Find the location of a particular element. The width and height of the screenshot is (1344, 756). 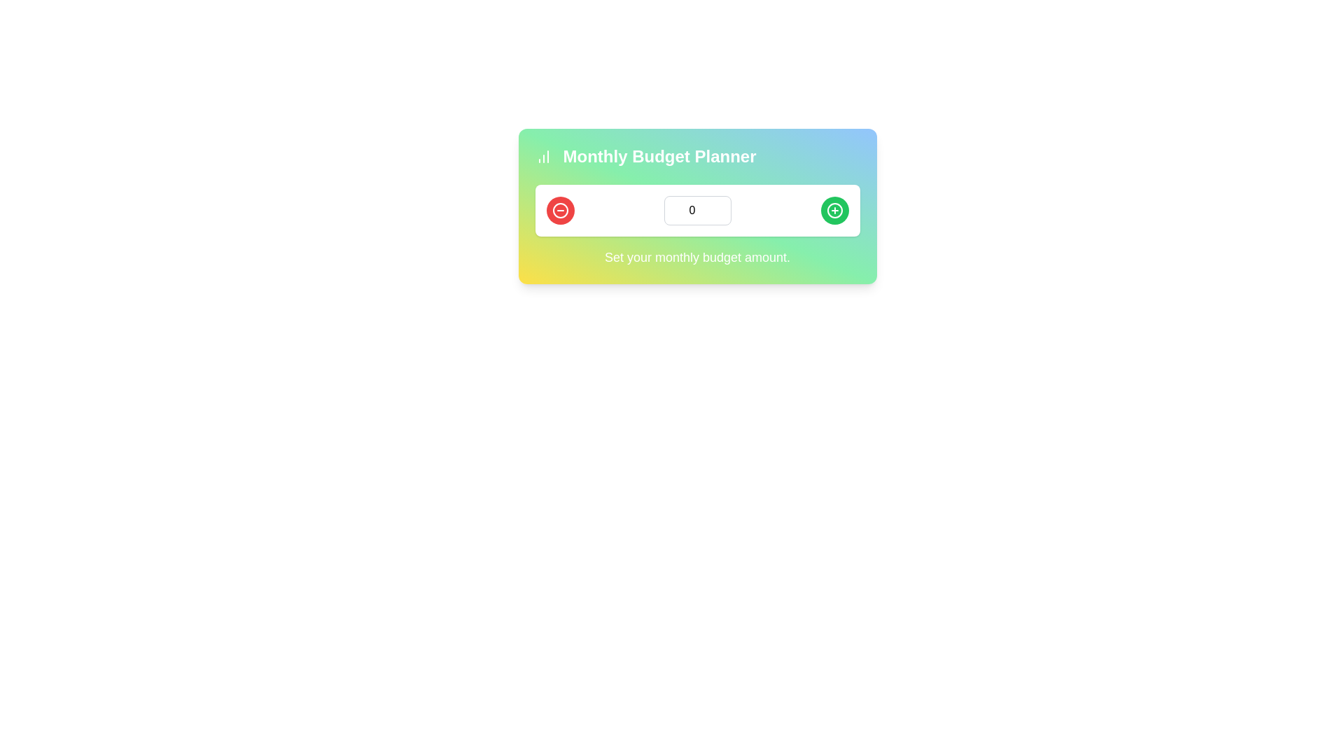

the rightmost circular green button with a white '+' icon to trigger hover effects is located at coordinates (834, 210).